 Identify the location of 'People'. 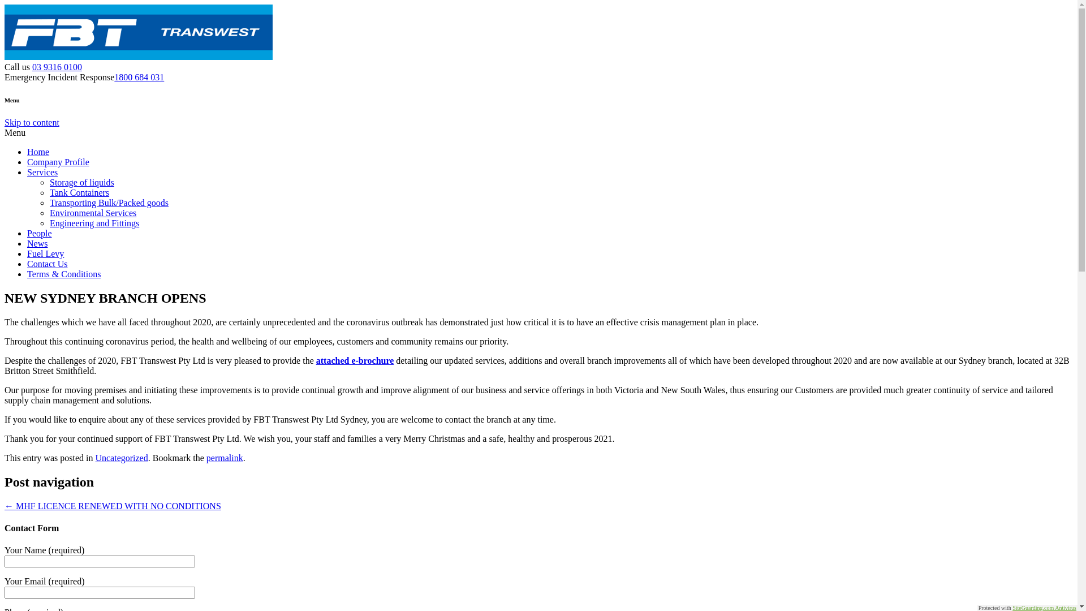
(27, 233).